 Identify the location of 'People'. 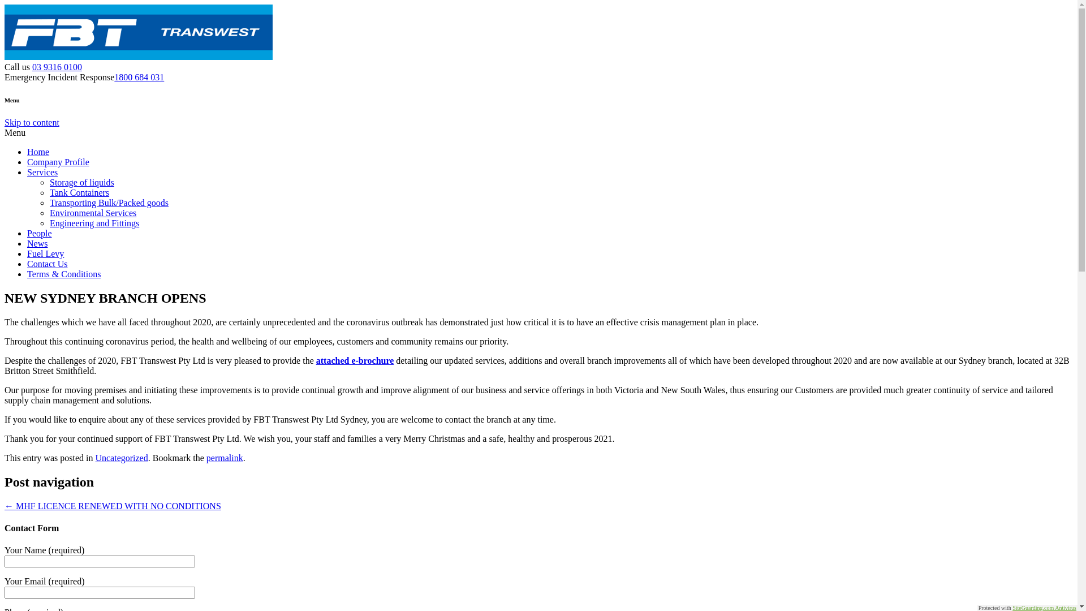
(27, 233).